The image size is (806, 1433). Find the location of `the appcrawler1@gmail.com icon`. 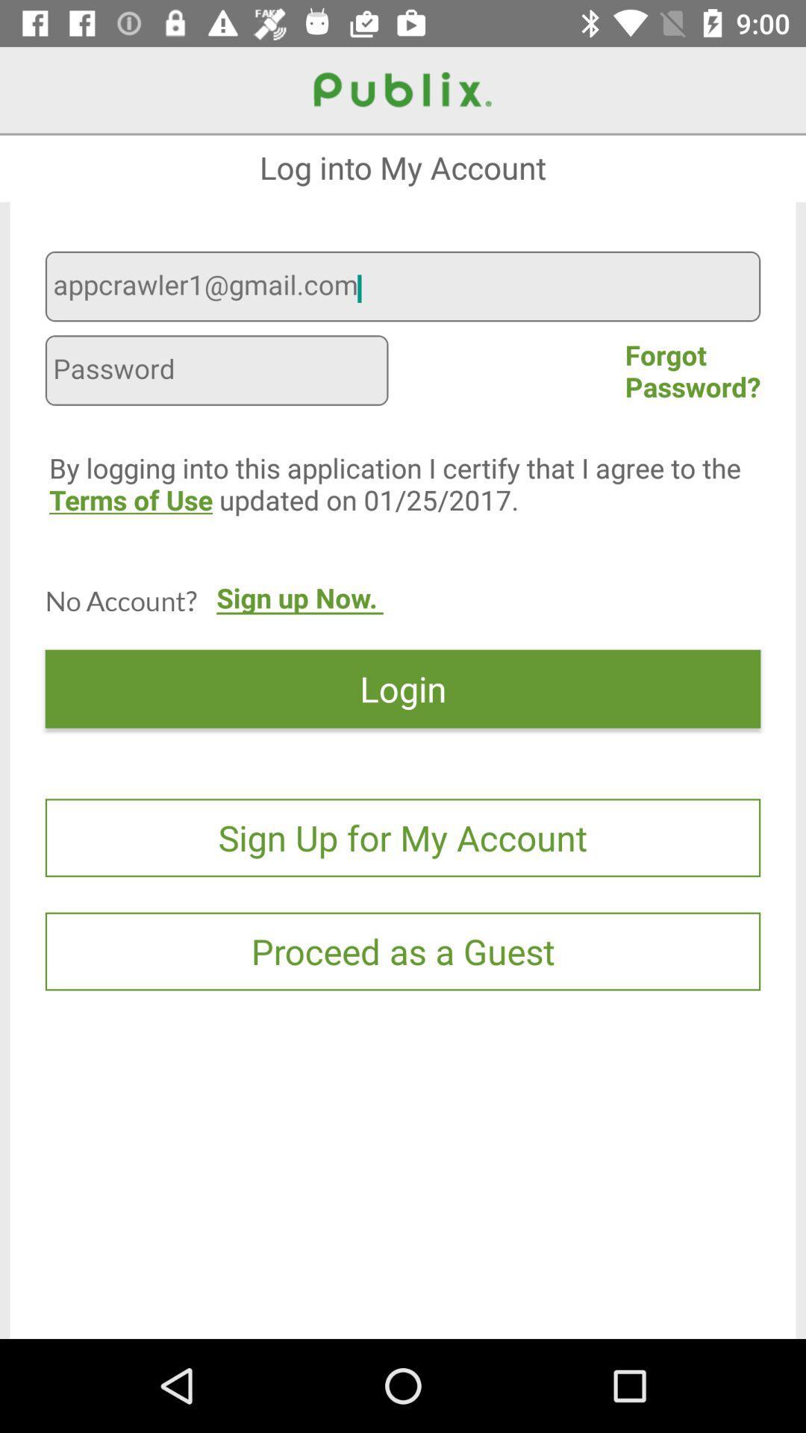

the appcrawler1@gmail.com icon is located at coordinates (403, 288).